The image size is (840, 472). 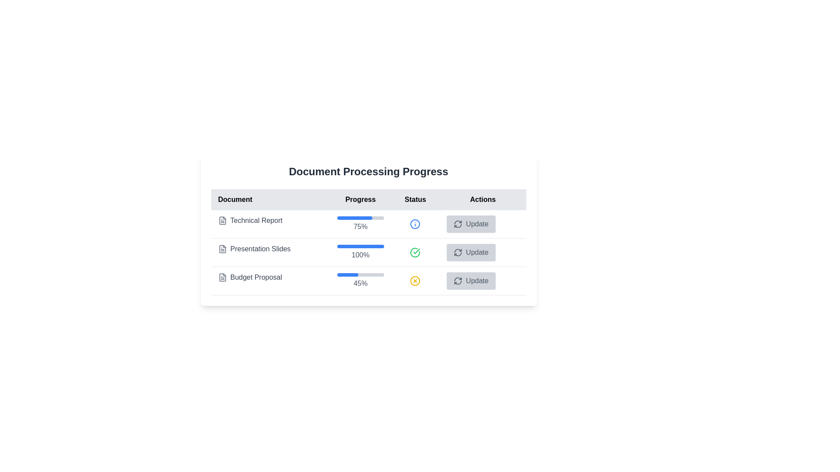 I want to click on the button that contains the refresh icon for the 'Presentation Slides' entry to interact via keyboard, so click(x=458, y=224).